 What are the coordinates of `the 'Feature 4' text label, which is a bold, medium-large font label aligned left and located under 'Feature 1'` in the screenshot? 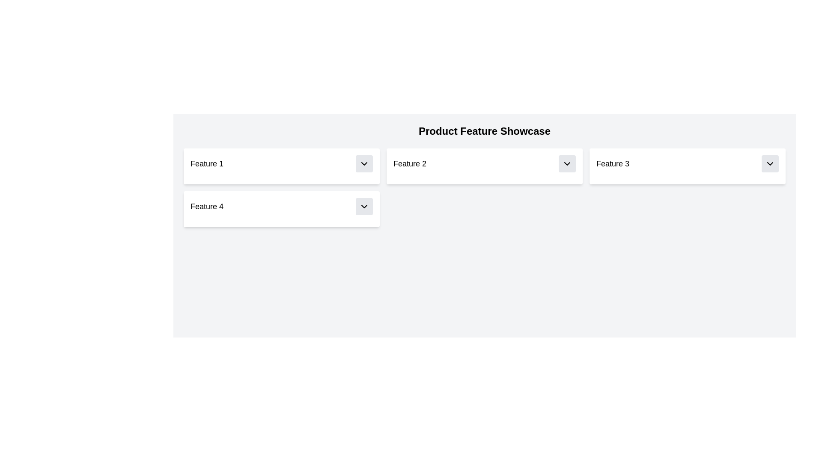 It's located at (207, 206).